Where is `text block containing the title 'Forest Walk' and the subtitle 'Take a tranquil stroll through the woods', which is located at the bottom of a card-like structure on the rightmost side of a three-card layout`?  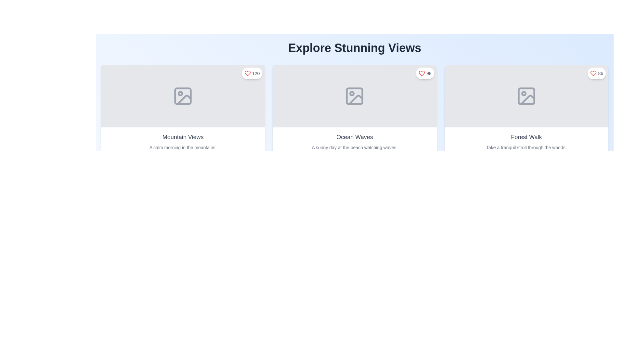 text block containing the title 'Forest Walk' and the subtitle 'Take a tranquil stroll through the woods', which is located at the bottom of a card-like structure on the rightmost side of a three-card layout is located at coordinates (526, 141).